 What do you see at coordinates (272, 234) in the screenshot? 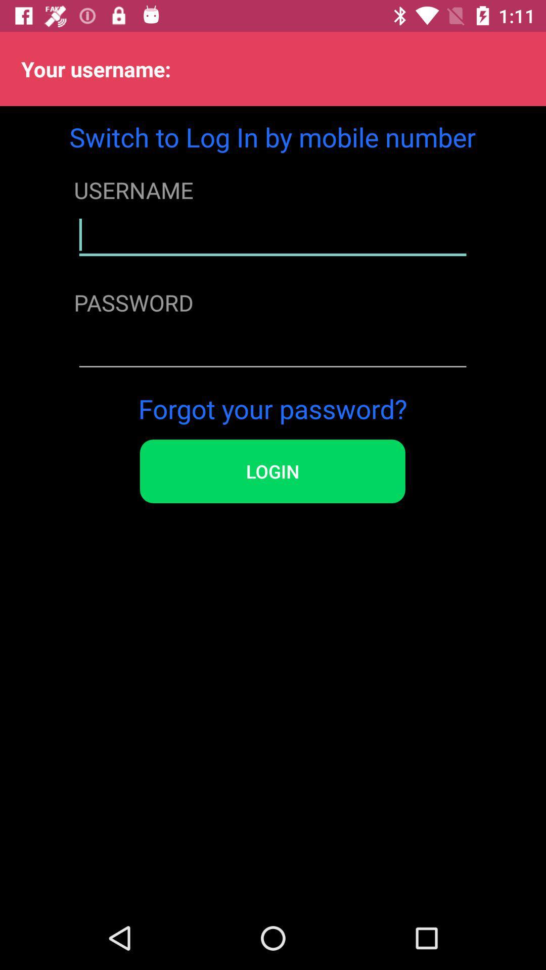
I see `the icon below the username icon` at bounding box center [272, 234].